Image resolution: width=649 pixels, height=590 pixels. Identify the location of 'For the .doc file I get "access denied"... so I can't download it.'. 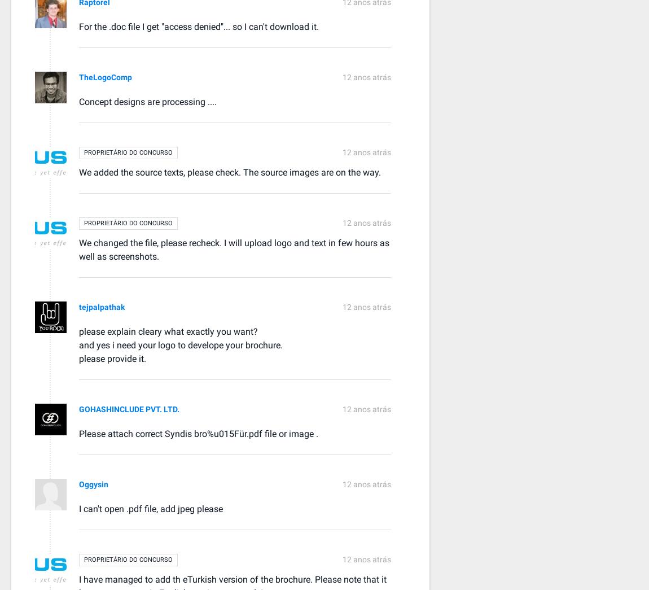
(199, 25).